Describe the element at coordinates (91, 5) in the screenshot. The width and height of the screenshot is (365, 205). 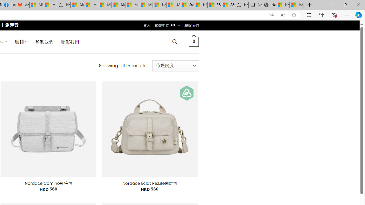
I see `'Microsoft account | Privacy'` at that location.